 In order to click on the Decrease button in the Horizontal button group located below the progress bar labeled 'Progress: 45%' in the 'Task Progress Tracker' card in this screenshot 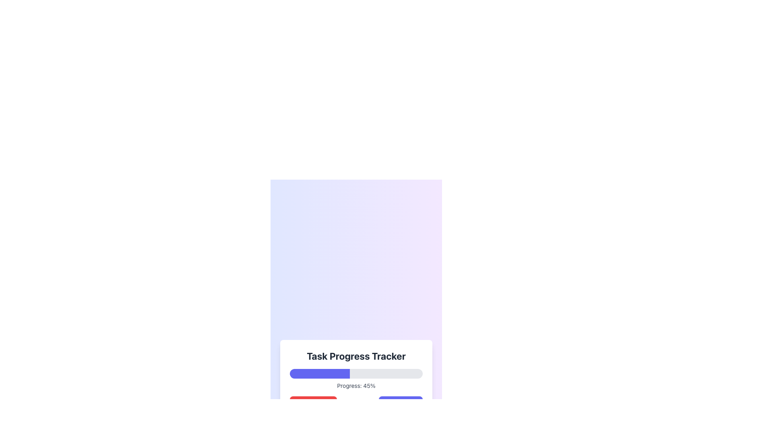, I will do `click(355, 404)`.